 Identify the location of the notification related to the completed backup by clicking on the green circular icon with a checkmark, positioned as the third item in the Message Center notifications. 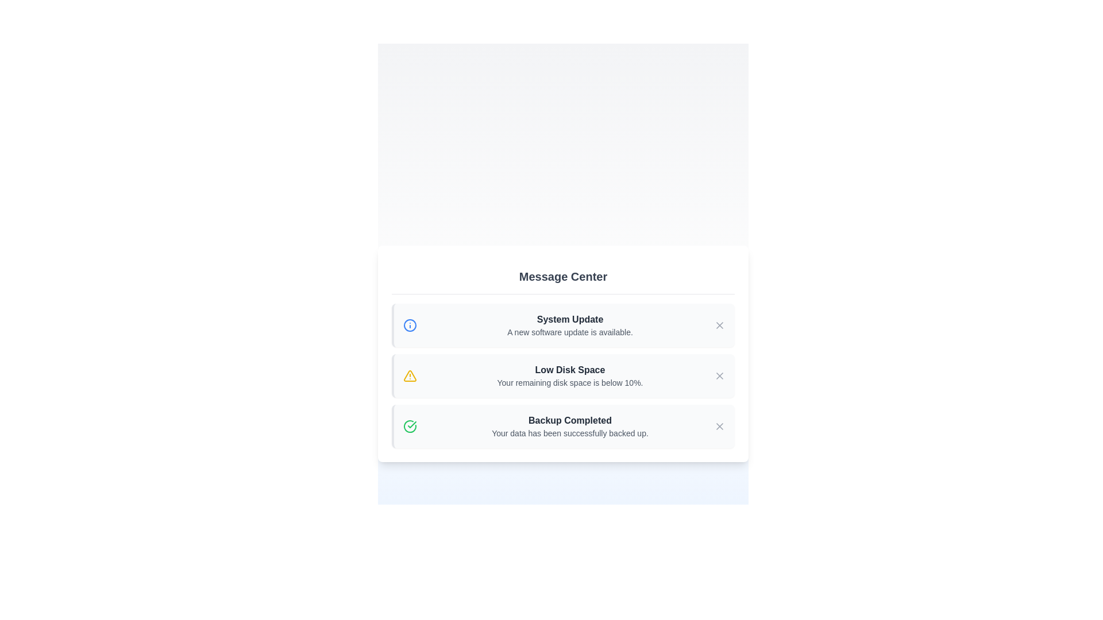
(410, 426).